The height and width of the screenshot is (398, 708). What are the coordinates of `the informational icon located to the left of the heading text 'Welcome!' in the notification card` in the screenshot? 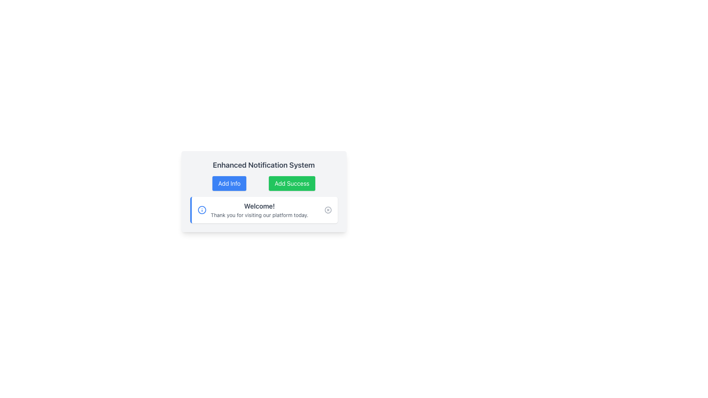 It's located at (202, 210).